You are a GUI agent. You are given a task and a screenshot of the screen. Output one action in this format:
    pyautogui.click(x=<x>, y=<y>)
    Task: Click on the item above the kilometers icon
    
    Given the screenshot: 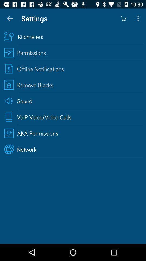 What is the action you would take?
    pyautogui.click(x=123, y=18)
    